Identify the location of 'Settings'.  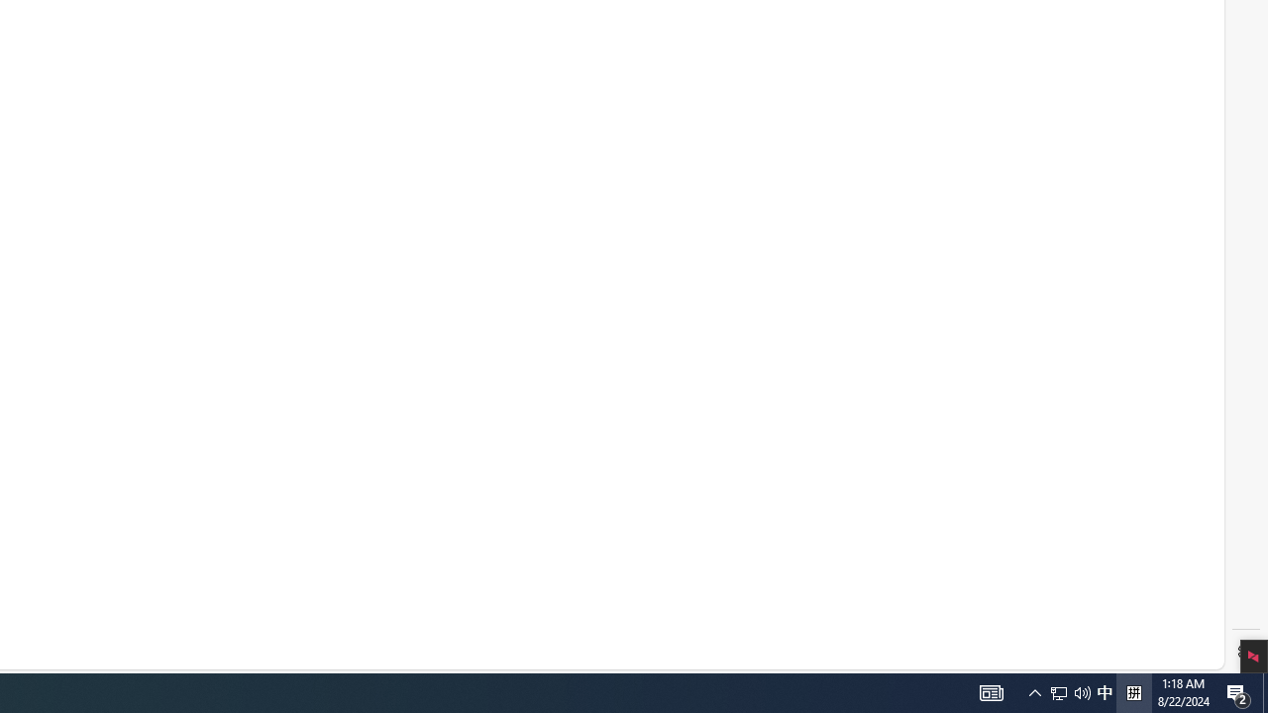
(1245, 652).